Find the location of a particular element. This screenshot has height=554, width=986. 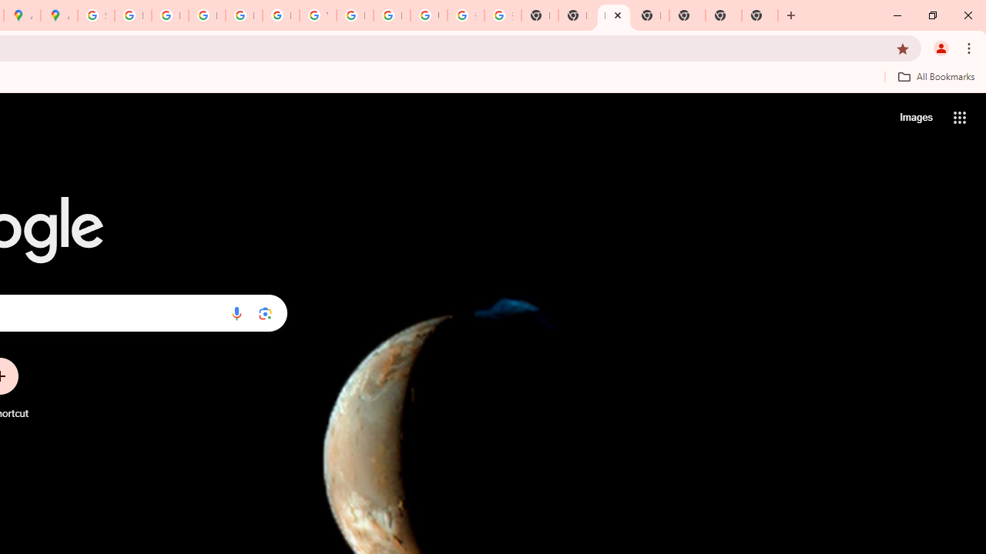

'Search for Images ' is located at coordinates (916, 117).